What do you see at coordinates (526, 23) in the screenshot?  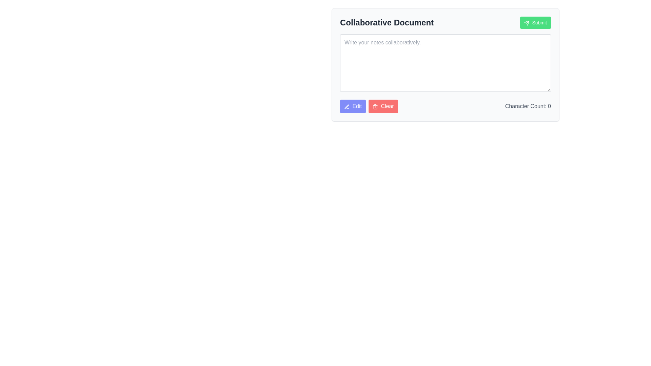 I see `the paper airplane icon graphic located in the green 'Submit' button in the upper right corner of the interface` at bounding box center [526, 23].